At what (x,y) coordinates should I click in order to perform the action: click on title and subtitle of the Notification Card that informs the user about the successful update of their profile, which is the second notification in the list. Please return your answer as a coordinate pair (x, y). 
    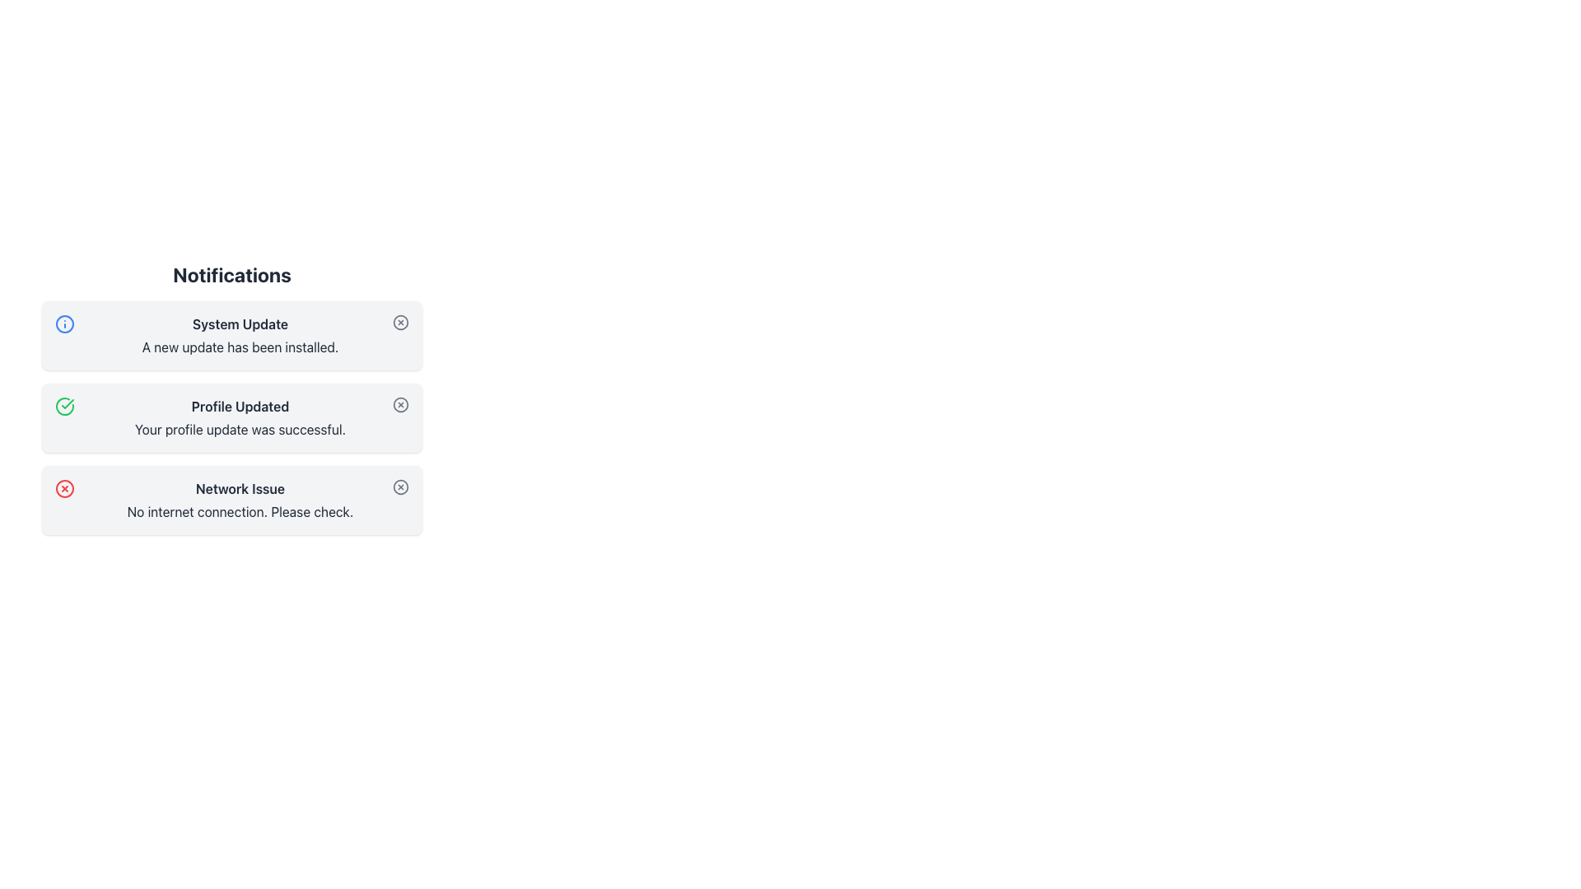
    Looking at the image, I should click on (231, 417).